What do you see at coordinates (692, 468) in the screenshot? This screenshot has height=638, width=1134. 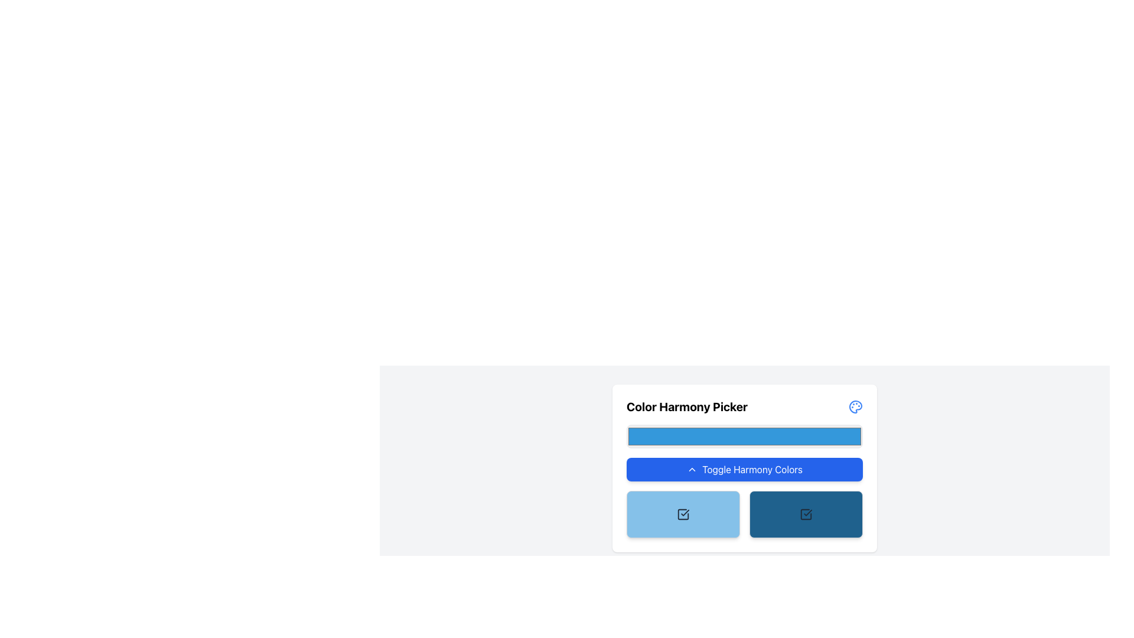 I see `the inverted chevron icon within the blue button labeled 'Toggle Harmony Colors'` at bounding box center [692, 468].